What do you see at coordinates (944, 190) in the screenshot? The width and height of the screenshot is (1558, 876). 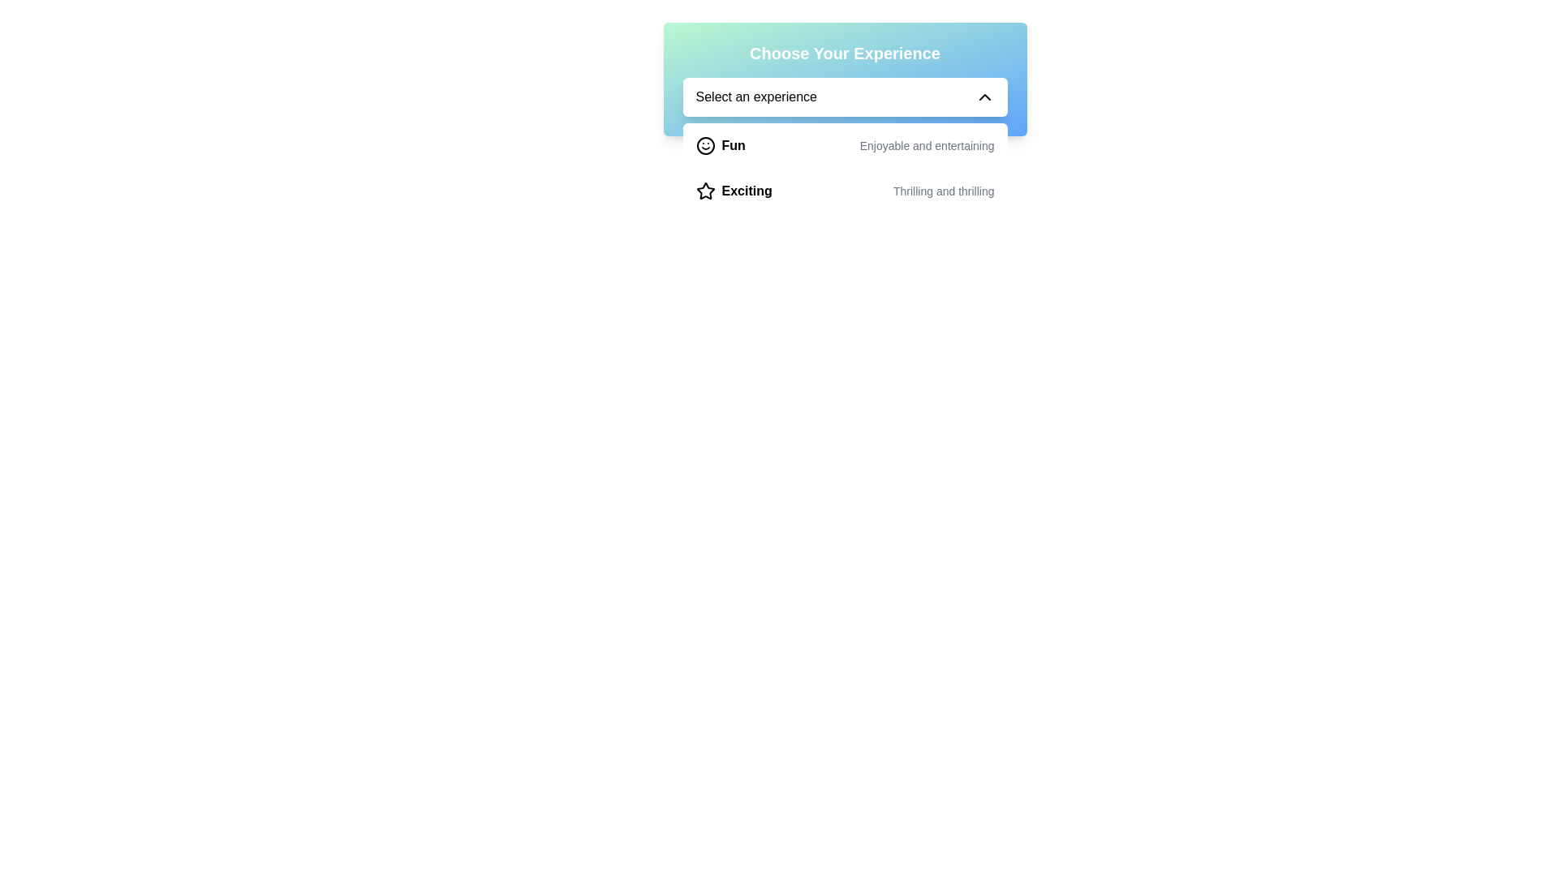 I see `the text label displaying 'Thrilling and thrilling' which is styled with a small font size and gray color, located to the right of the star icon and the label 'Exciting'` at bounding box center [944, 190].